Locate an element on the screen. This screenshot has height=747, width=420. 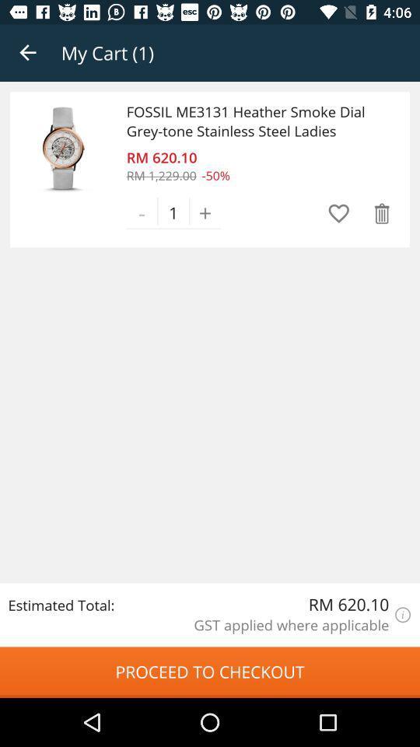
the app to the left of the my cart (1) icon is located at coordinates (28, 53).